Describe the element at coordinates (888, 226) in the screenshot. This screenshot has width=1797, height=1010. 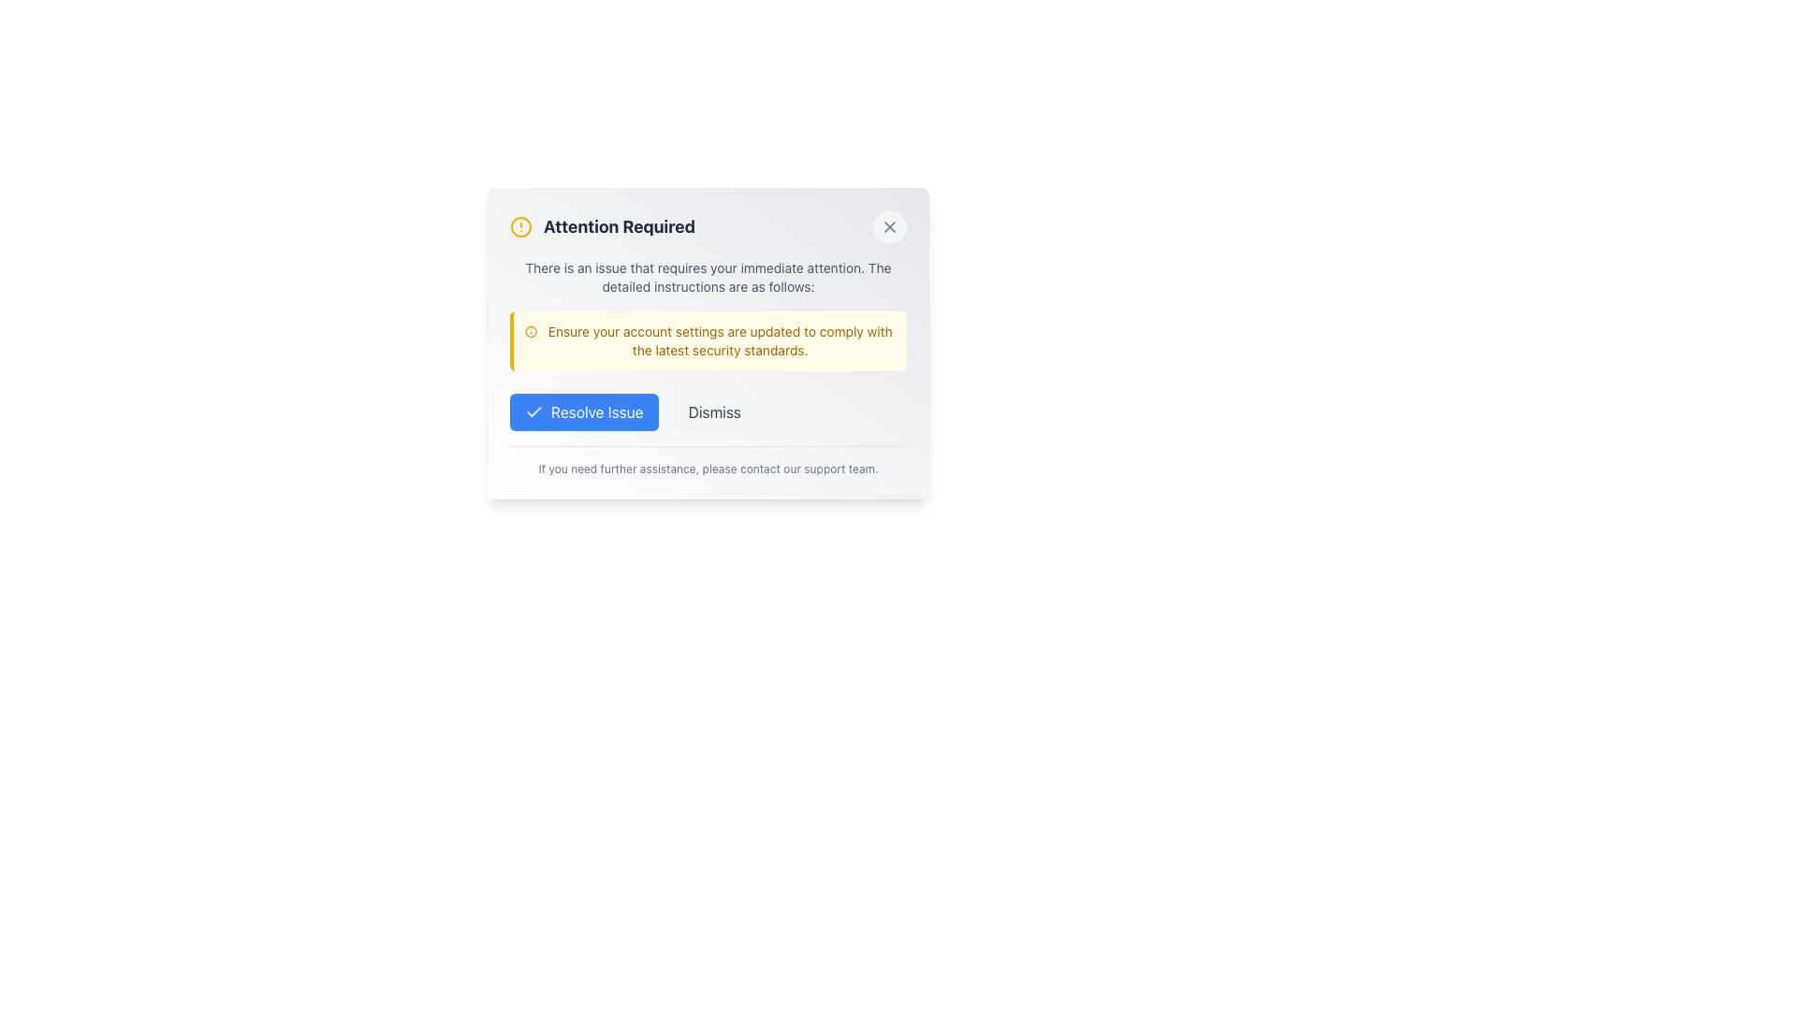
I see `the rounded gray button with an 'X' icon located in the top-right corner of the 'Attention Required' dialog box` at that location.